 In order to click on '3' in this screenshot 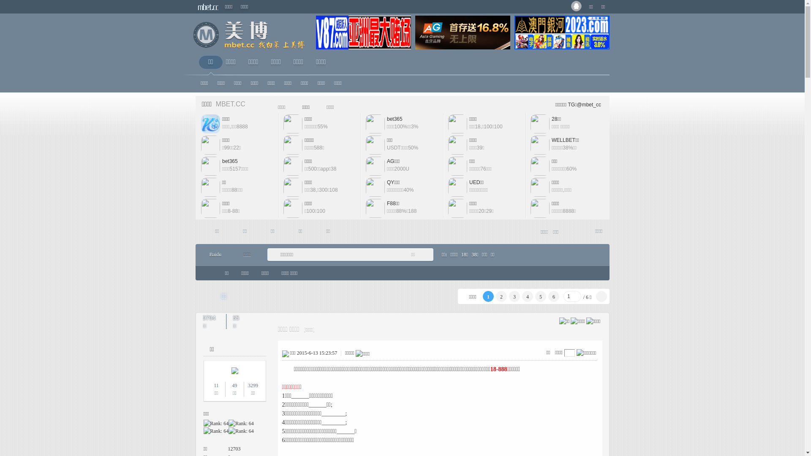, I will do `click(514, 296)`.